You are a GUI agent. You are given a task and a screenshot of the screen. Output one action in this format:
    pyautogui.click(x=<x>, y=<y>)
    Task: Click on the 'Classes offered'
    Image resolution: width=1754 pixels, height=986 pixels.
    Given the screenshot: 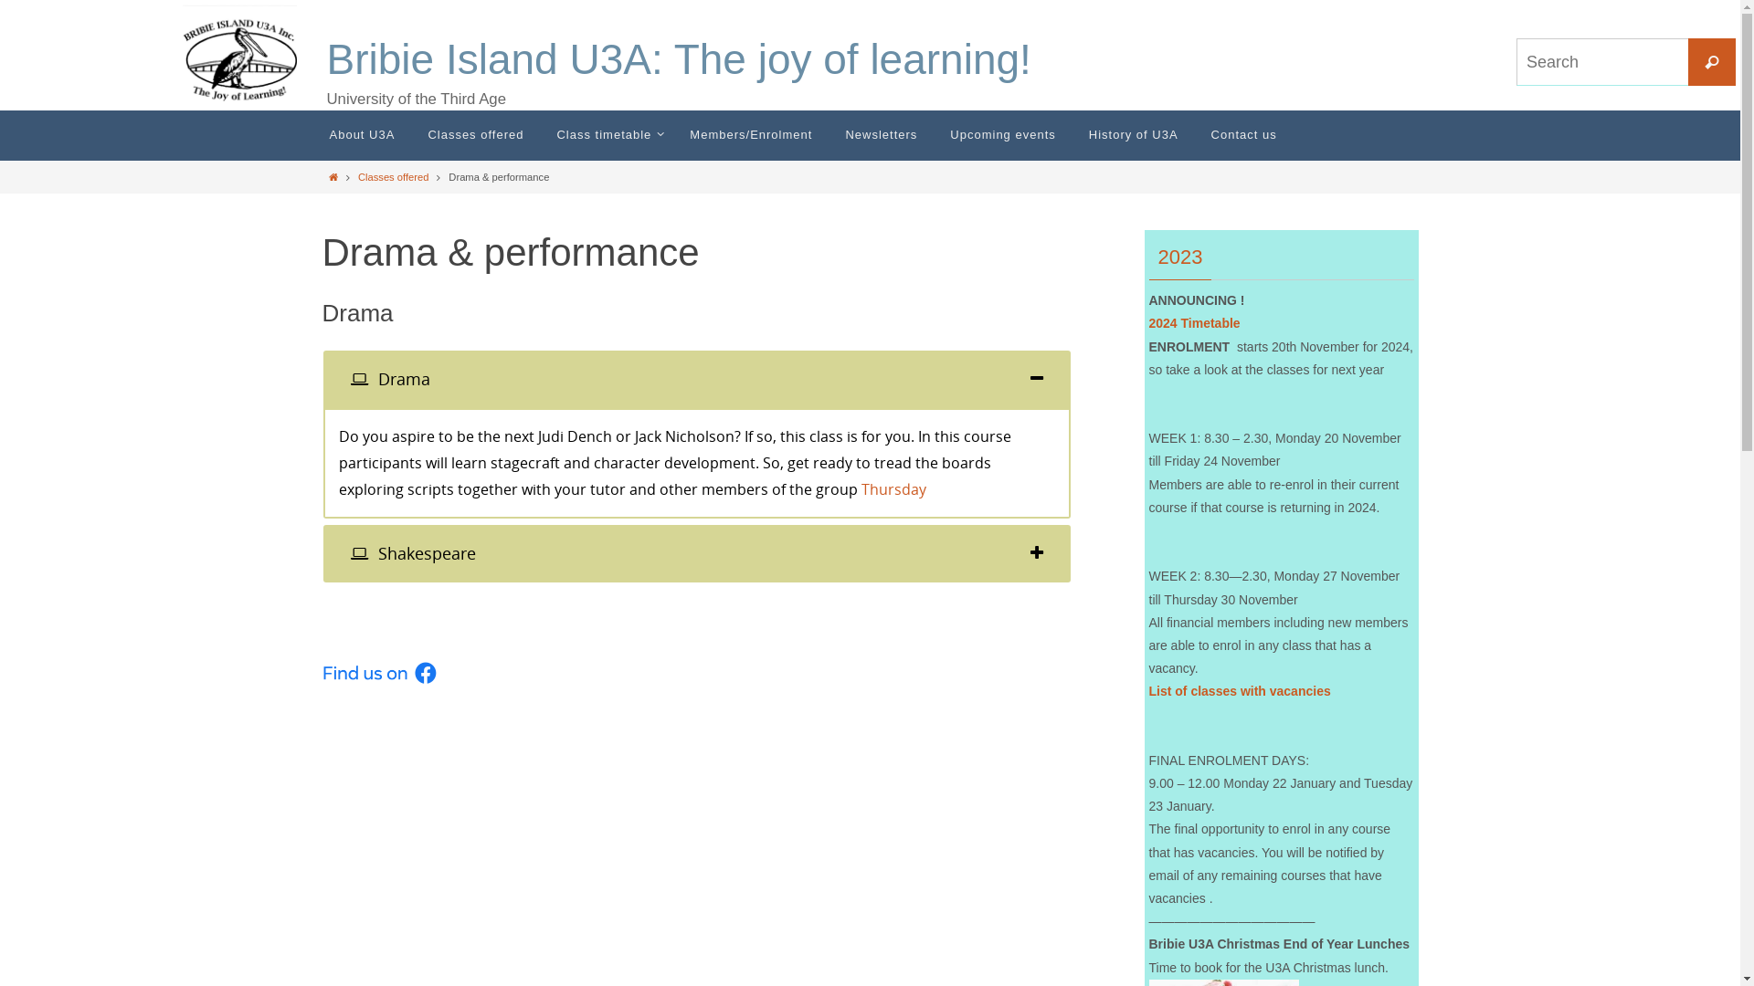 What is the action you would take?
    pyautogui.click(x=358, y=176)
    